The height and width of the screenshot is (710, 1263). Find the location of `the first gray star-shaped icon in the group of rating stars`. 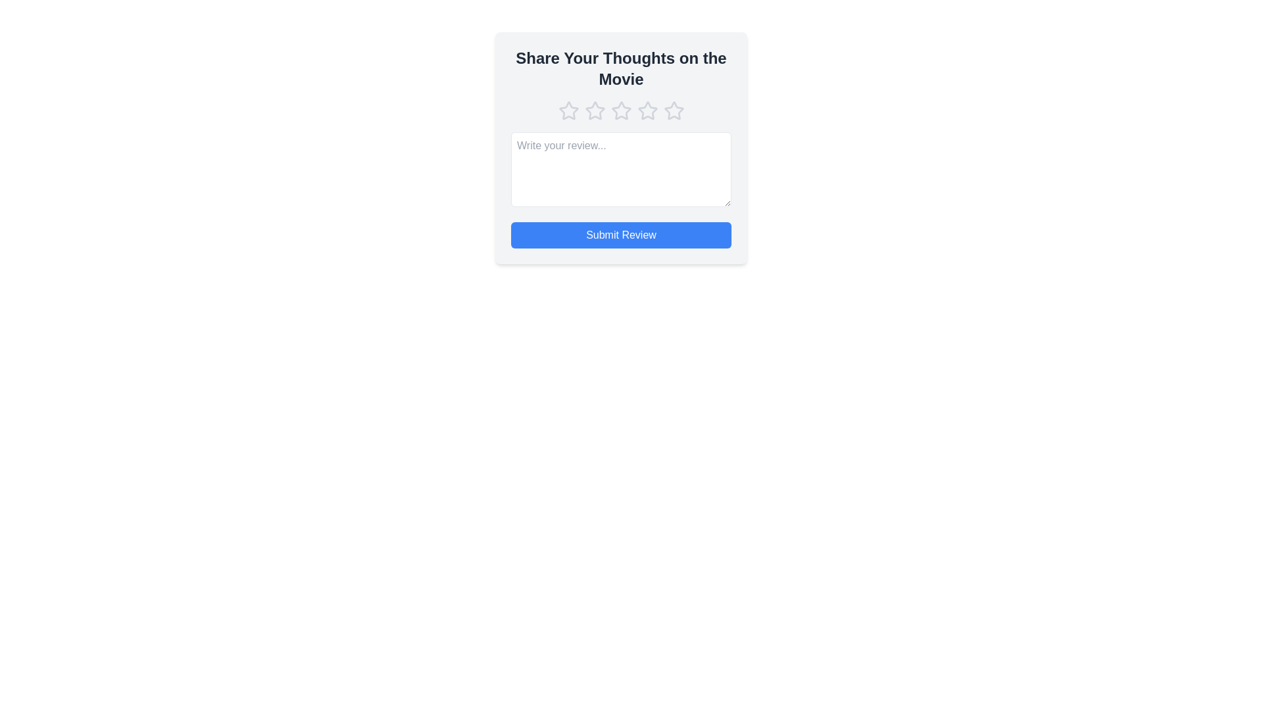

the first gray star-shaped icon in the group of rating stars is located at coordinates (568, 110).